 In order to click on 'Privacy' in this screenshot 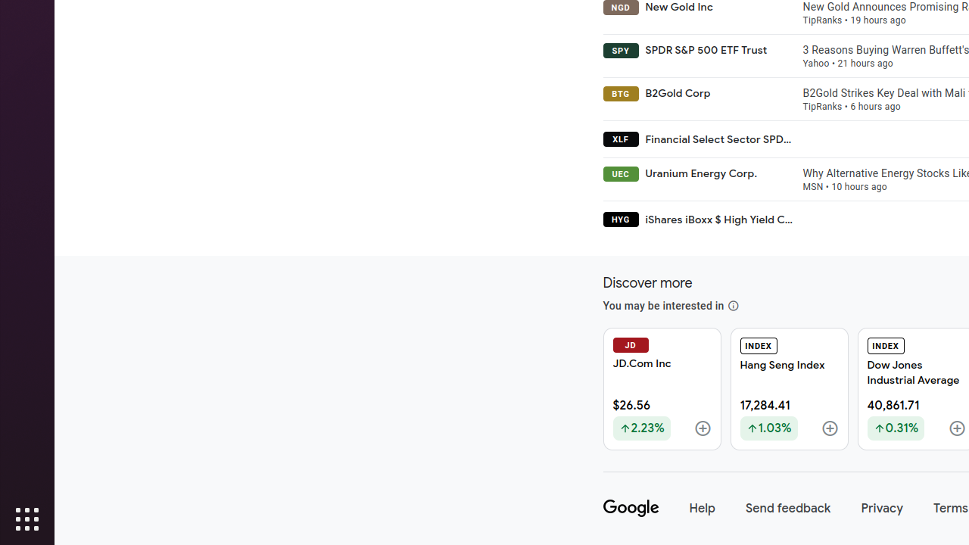, I will do `click(882, 508)`.